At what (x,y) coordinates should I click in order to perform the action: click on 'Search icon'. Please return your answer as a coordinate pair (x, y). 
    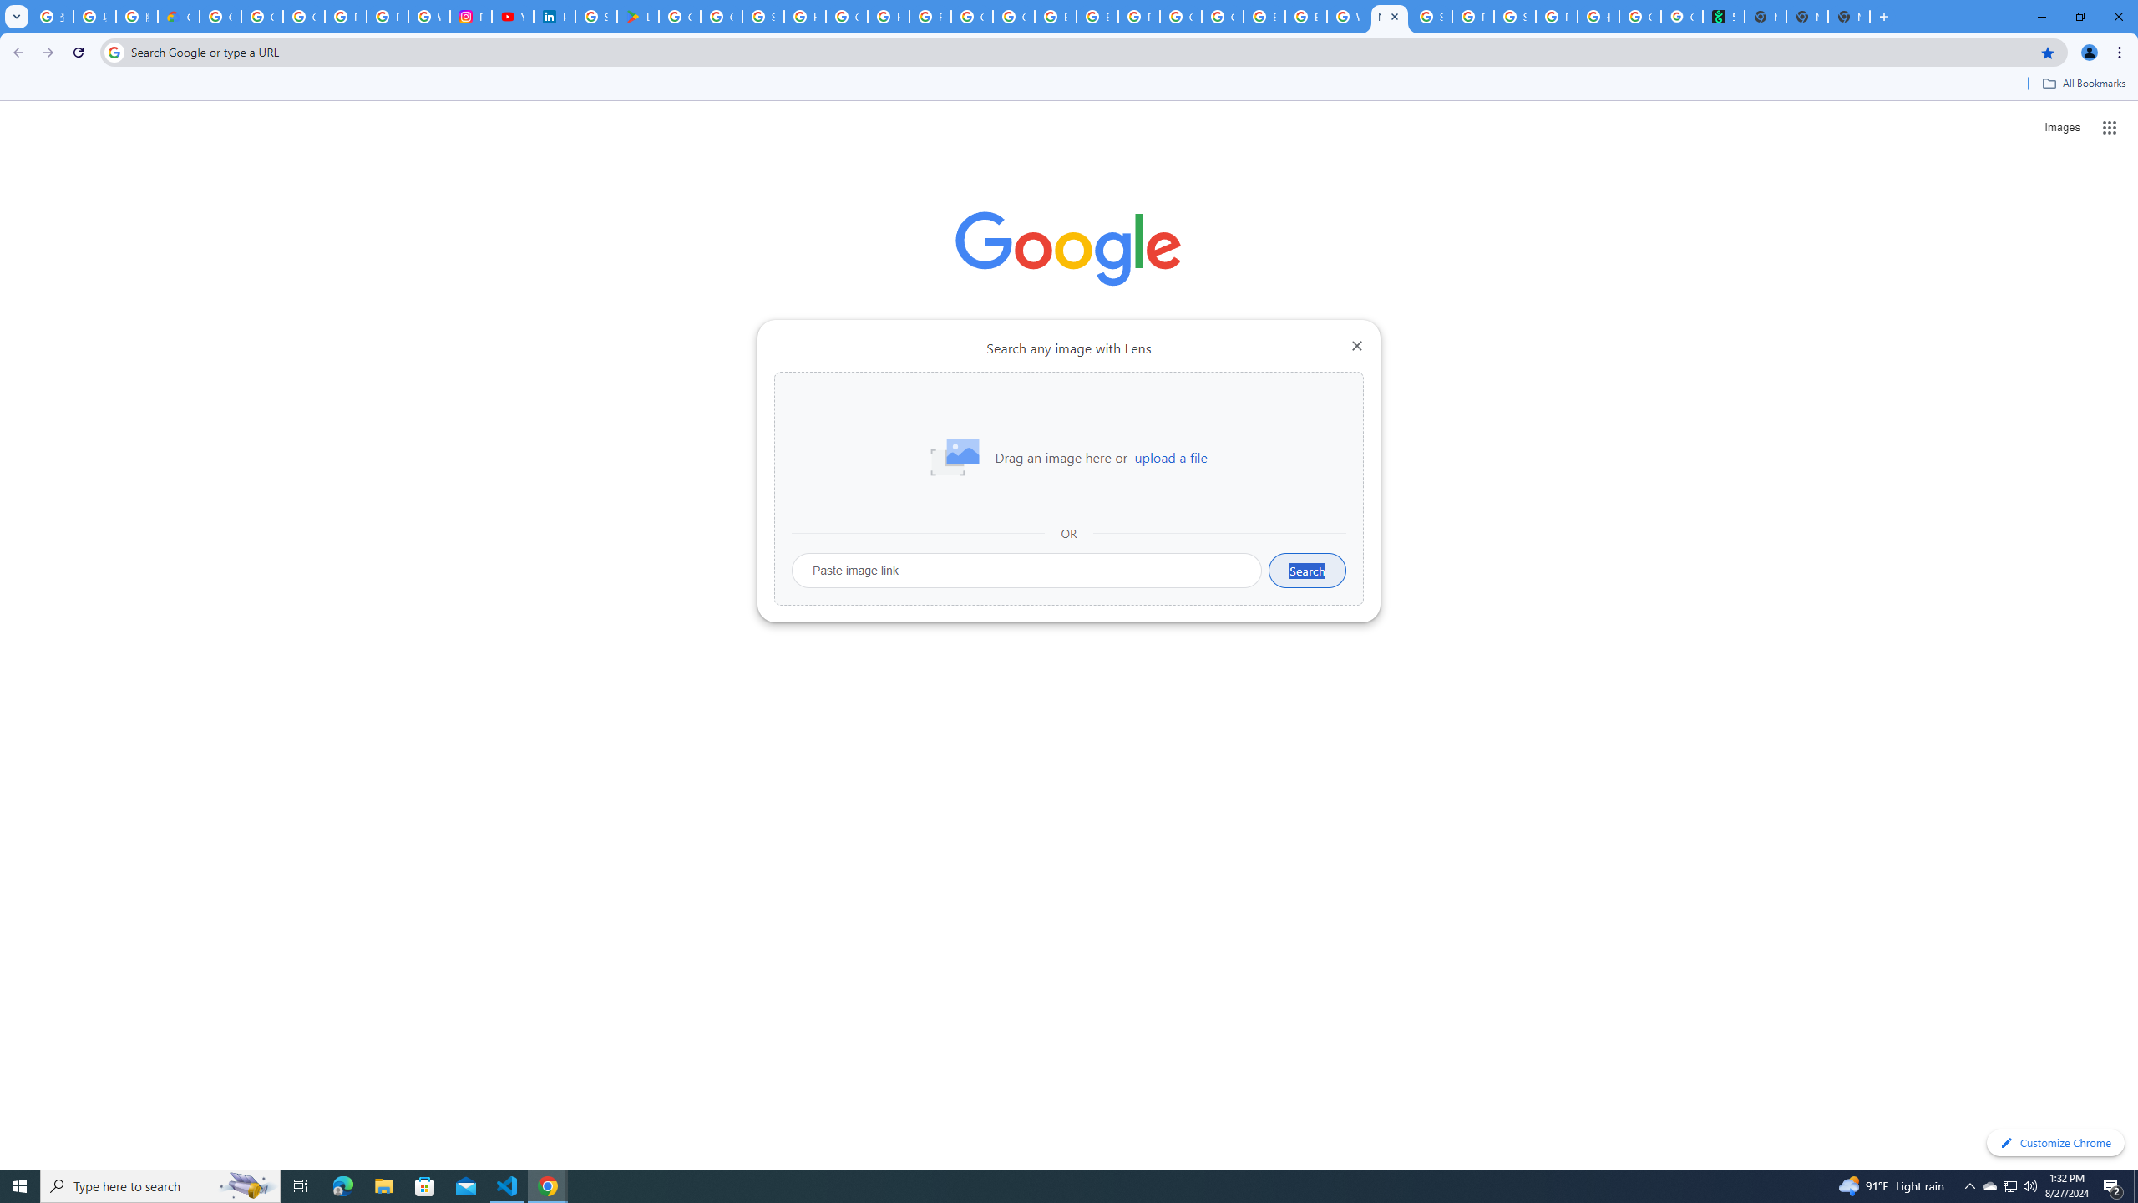
    Looking at the image, I should click on (113, 51).